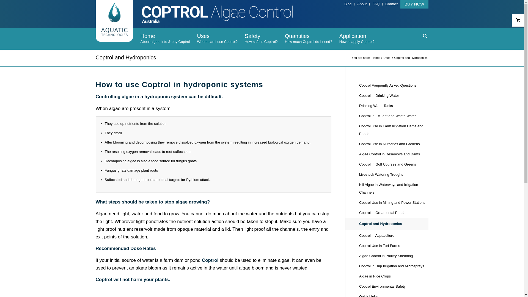 The image size is (528, 297). Describe the element at coordinates (393, 175) in the screenshot. I see `'Livestock Watering Troughs'` at that location.